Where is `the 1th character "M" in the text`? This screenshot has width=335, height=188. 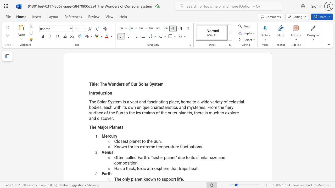 the 1th character "M" in the text is located at coordinates (99, 127).